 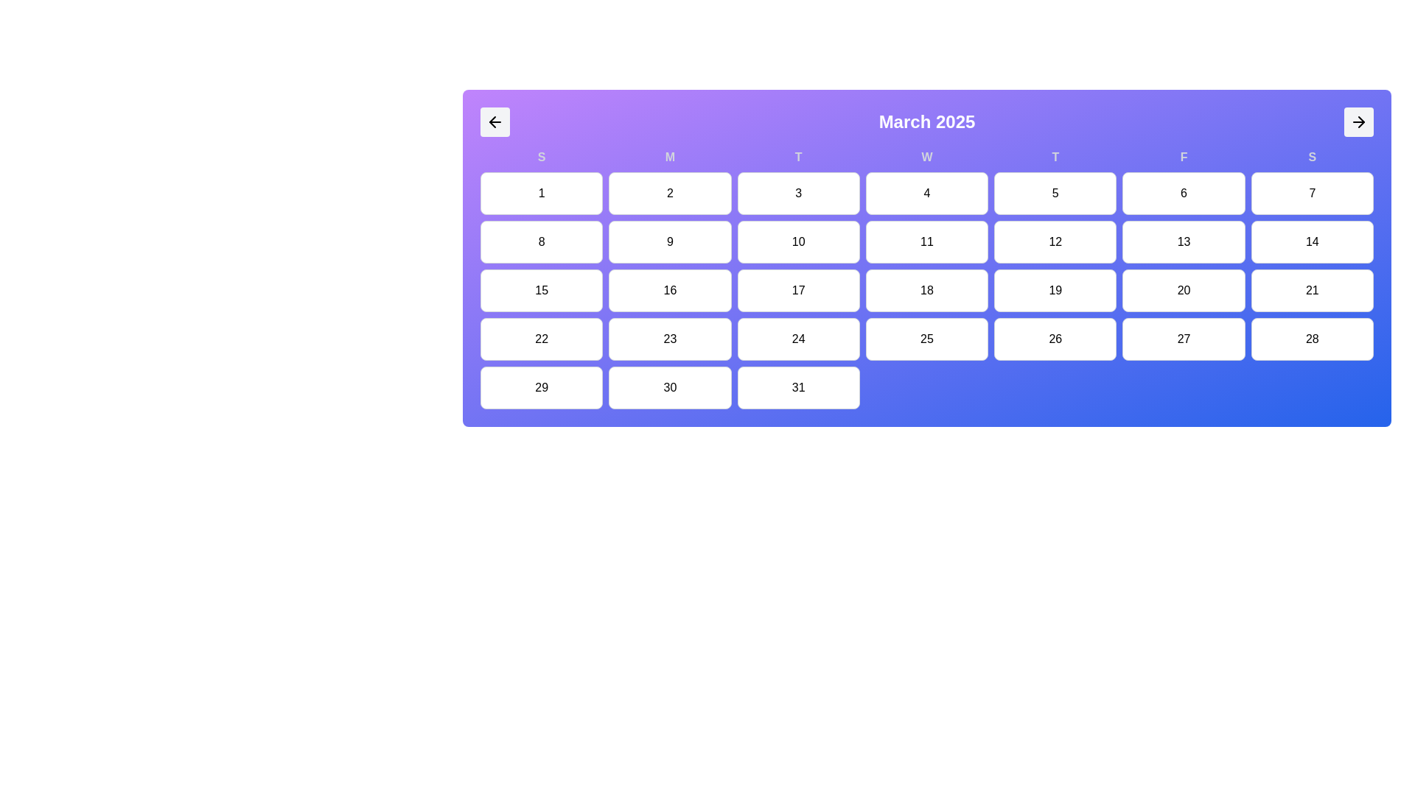 I want to click on the clickable calendar day cell representing the date '22' located in the fourth row and first column of the calendar grid, so click(x=541, y=339).